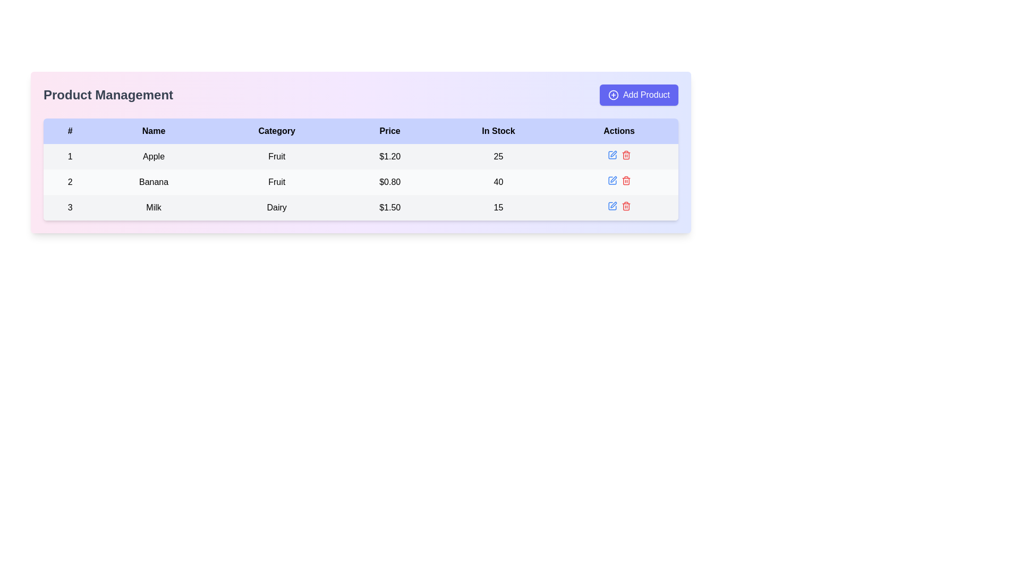 Image resolution: width=1020 pixels, height=574 pixels. Describe the element at coordinates (498, 156) in the screenshot. I see `the Text Label displaying '25' in the fifth column of the first row of the table, under the heading 'In Stock'` at that location.